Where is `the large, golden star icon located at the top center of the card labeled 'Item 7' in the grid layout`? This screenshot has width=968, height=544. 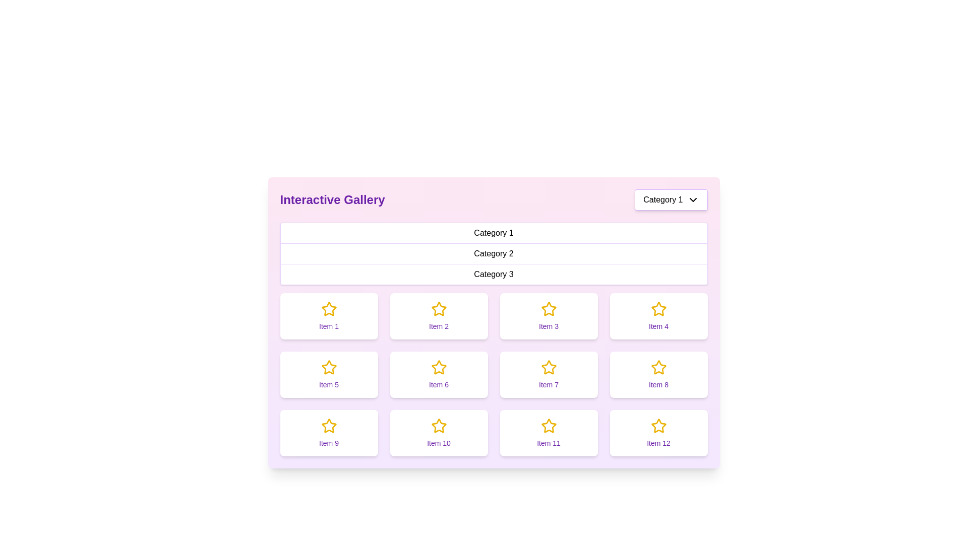 the large, golden star icon located at the top center of the card labeled 'Item 7' in the grid layout is located at coordinates (548, 367).